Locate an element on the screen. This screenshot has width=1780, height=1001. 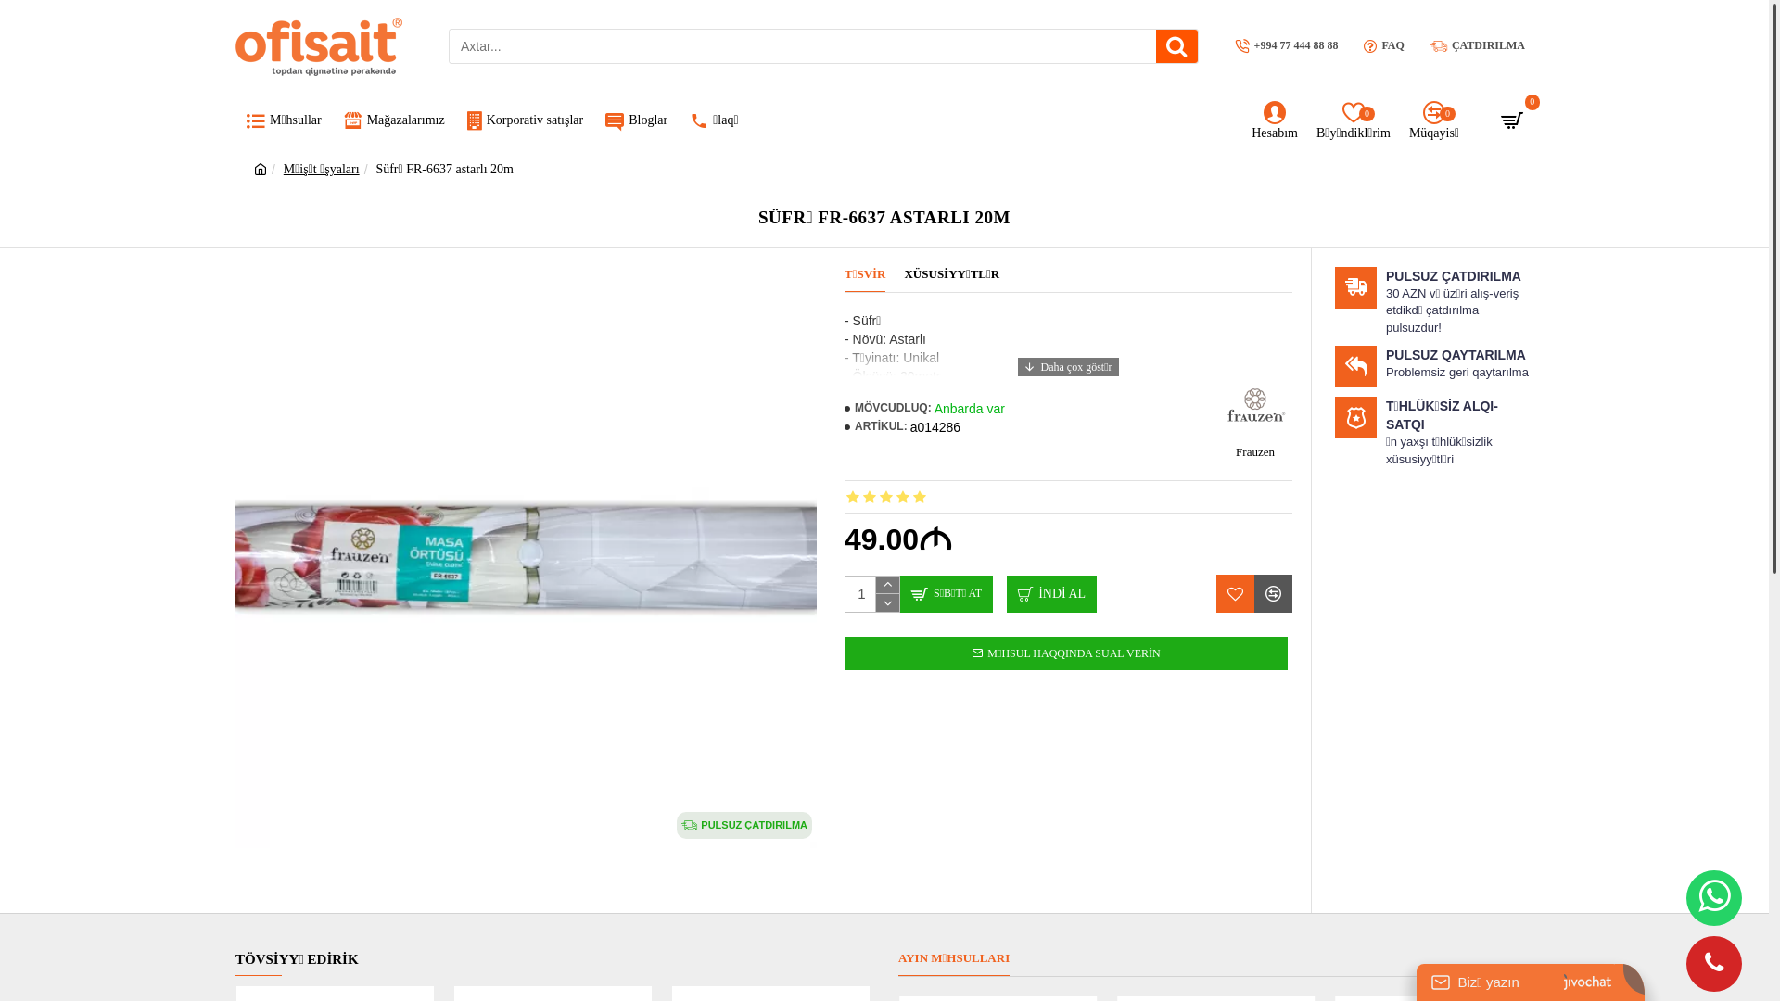
'Bloglar' is located at coordinates (636, 121).